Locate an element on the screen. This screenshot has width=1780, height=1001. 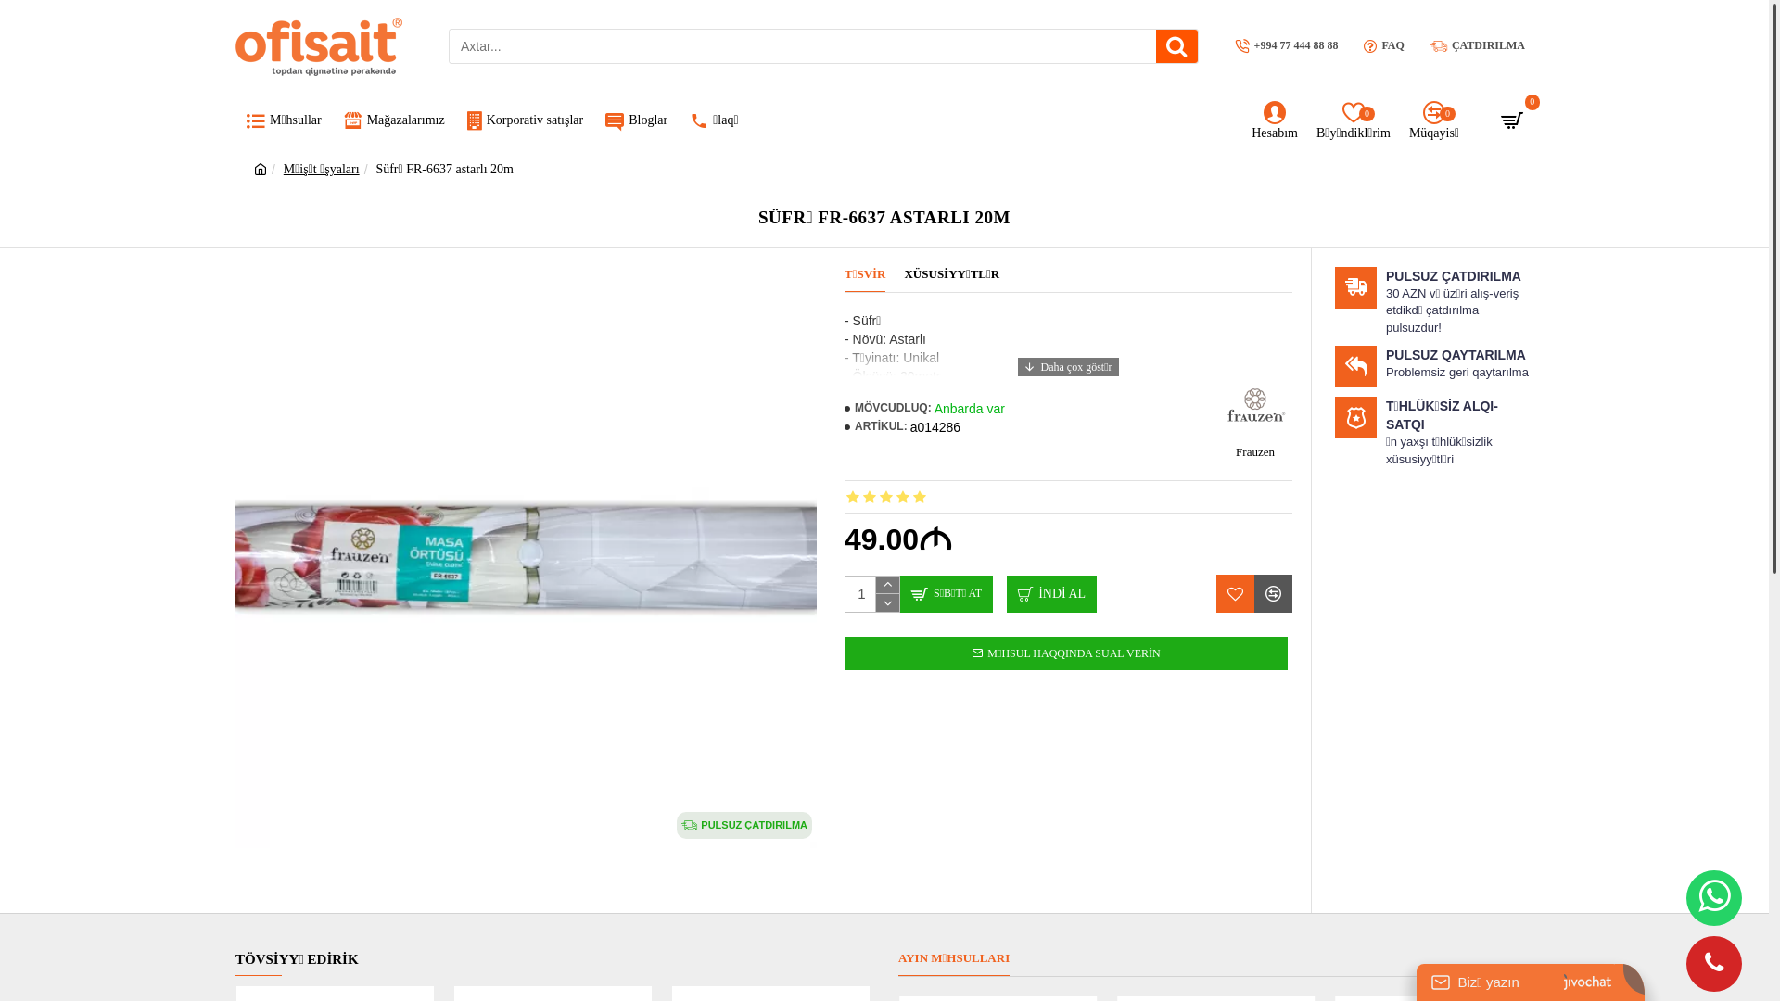
'Bloglar' is located at coordinates (636, 121).